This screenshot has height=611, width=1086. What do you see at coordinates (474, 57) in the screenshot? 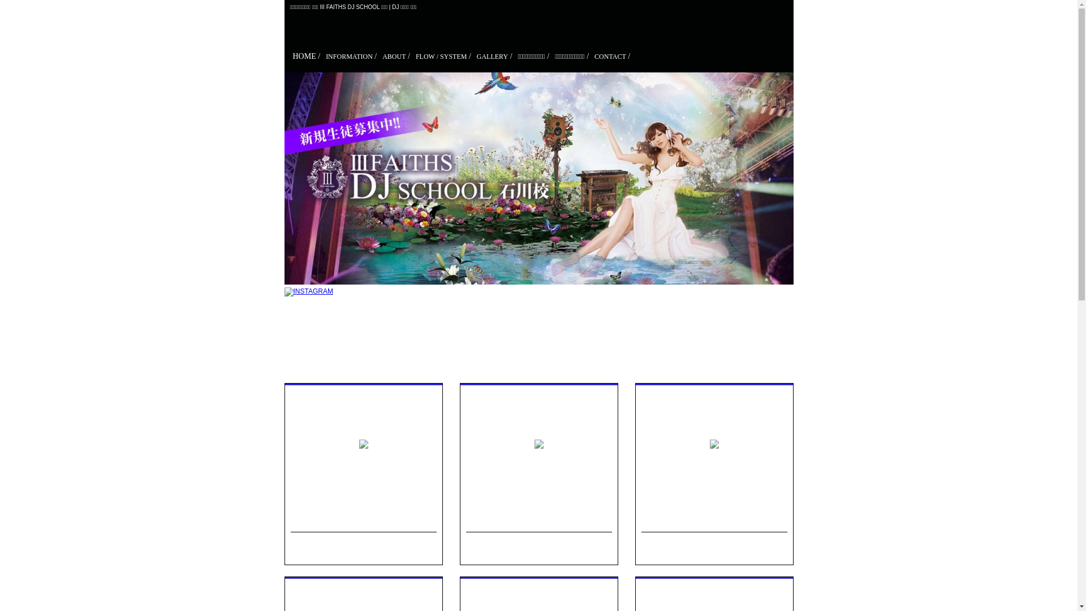
I see `'GALLERY /'` at bounding box center [474, 57].